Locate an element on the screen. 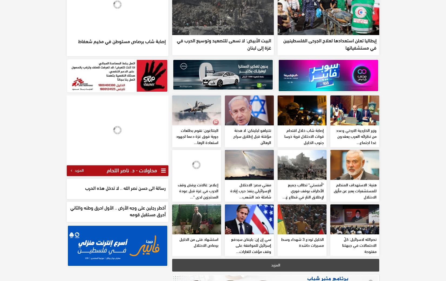 The width and height of the screenshot is (446, 281). 'وزير الخارجية الاردني وعدد من نظرائه العرب يعقدون غدا اجتماع...' is located at coordinates (356, 175).